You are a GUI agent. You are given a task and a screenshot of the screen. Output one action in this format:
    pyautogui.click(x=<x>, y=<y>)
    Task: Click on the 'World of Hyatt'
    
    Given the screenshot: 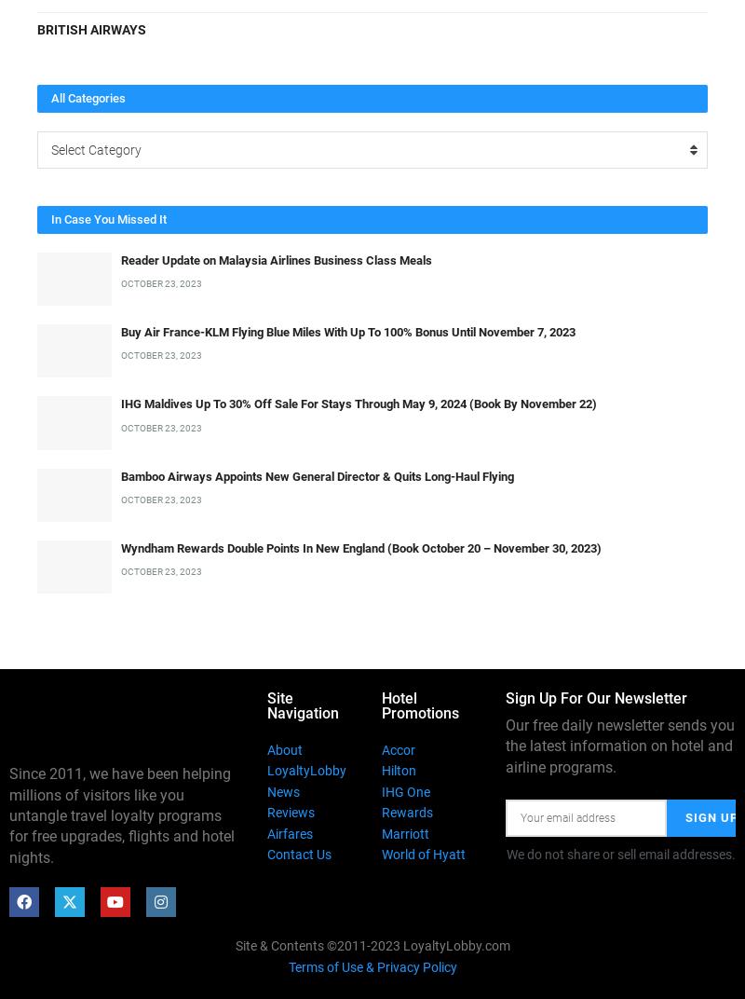 What is the action you would take?
    pyautogui.click(x=422, y=854)
    